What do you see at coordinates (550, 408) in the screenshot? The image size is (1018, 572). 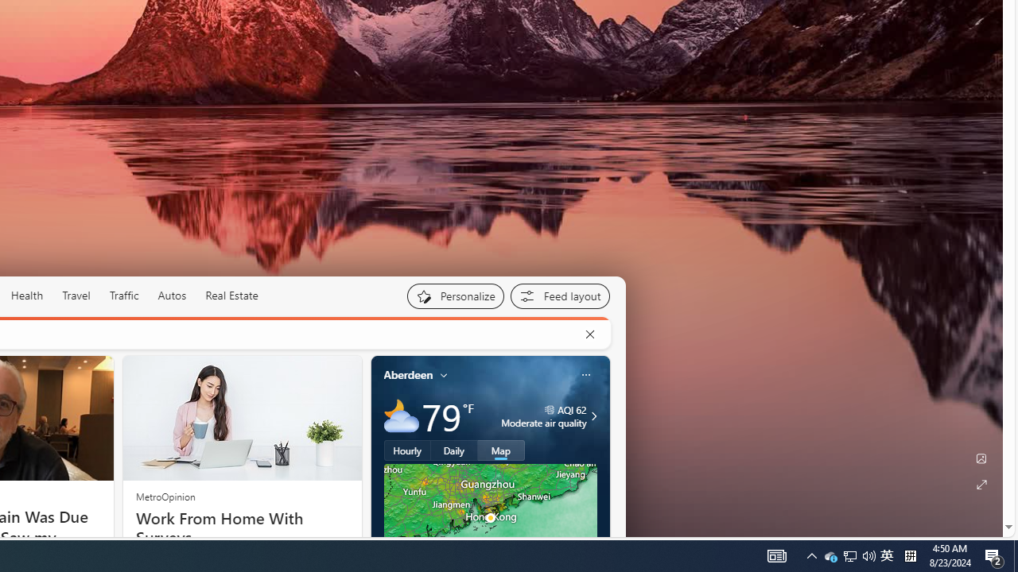 I see `'aqi-icon'` at bounding box center [550, 408].